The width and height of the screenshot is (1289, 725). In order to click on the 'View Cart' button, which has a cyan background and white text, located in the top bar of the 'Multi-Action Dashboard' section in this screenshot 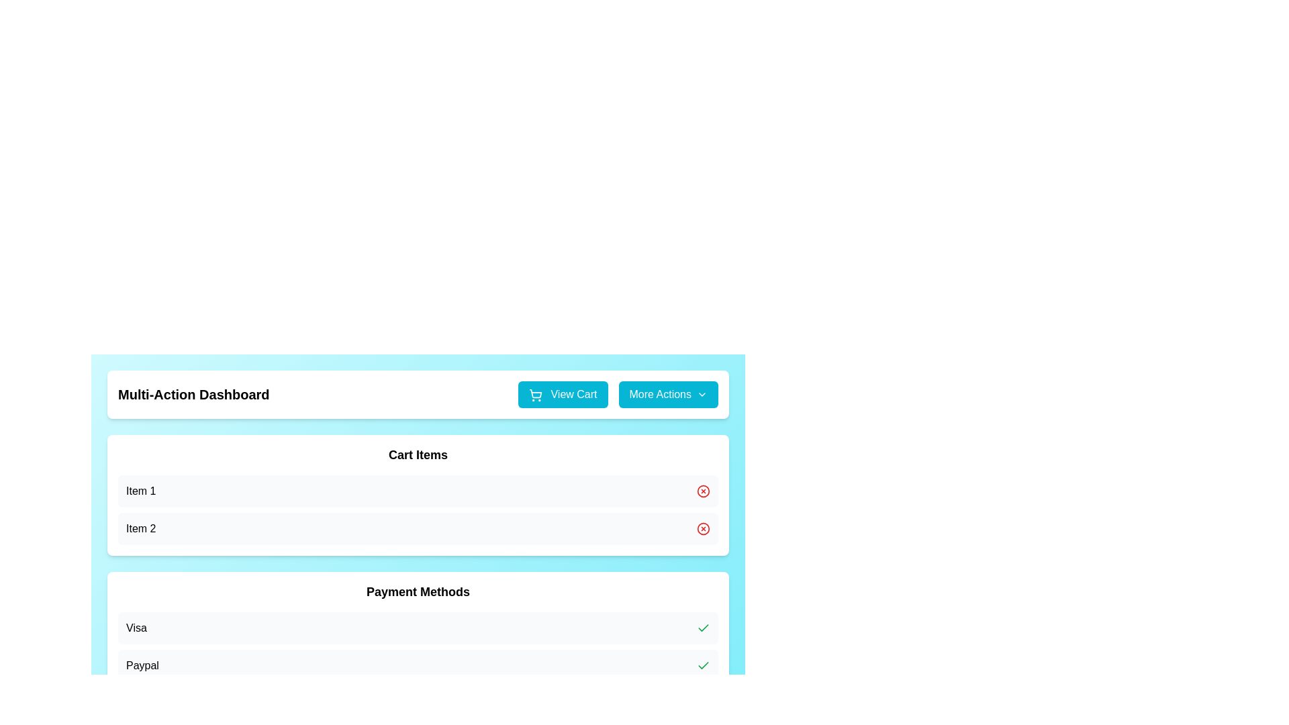, I will do `click(563, 393)`.